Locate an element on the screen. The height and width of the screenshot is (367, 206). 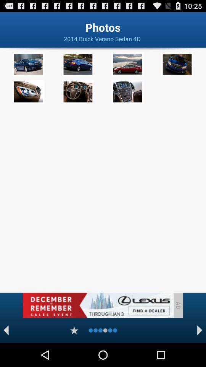
the arrow_backward icon is located at coordinates (6, 353).